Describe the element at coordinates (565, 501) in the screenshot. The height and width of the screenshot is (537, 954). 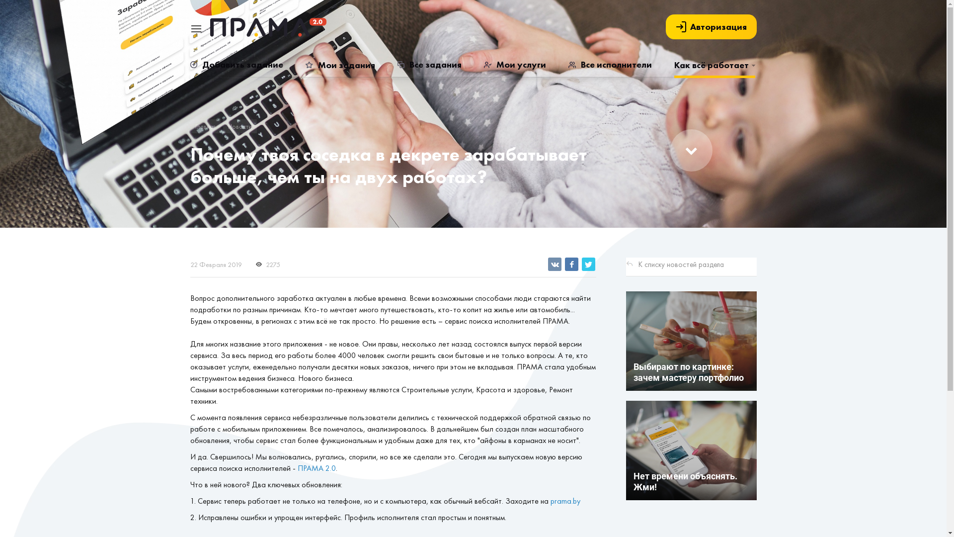
I see `'prama.by'` at that location.